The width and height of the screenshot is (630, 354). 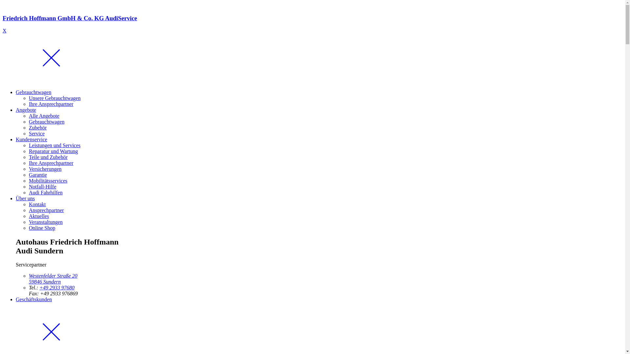 I want to click on 'Veranstaltungen', so click(x=45, y=222).